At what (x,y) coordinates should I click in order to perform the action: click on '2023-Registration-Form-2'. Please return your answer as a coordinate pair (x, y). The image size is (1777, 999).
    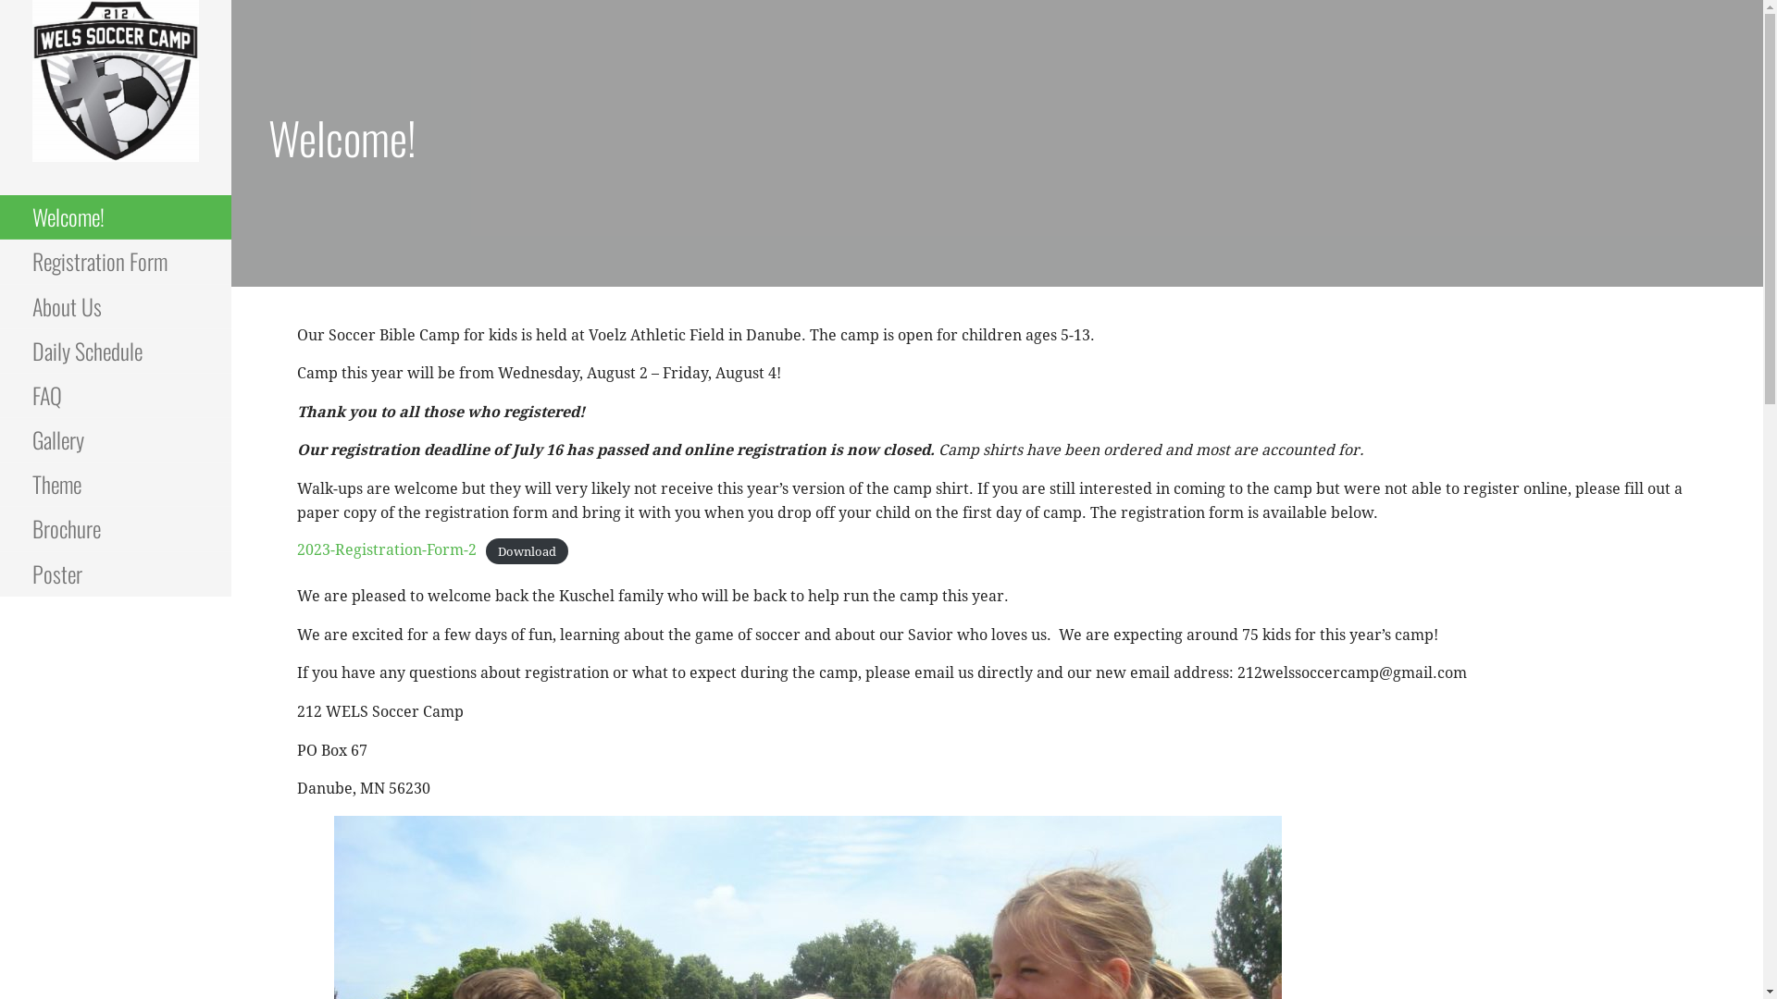
    Looking at the image, I should click on (297, 549).